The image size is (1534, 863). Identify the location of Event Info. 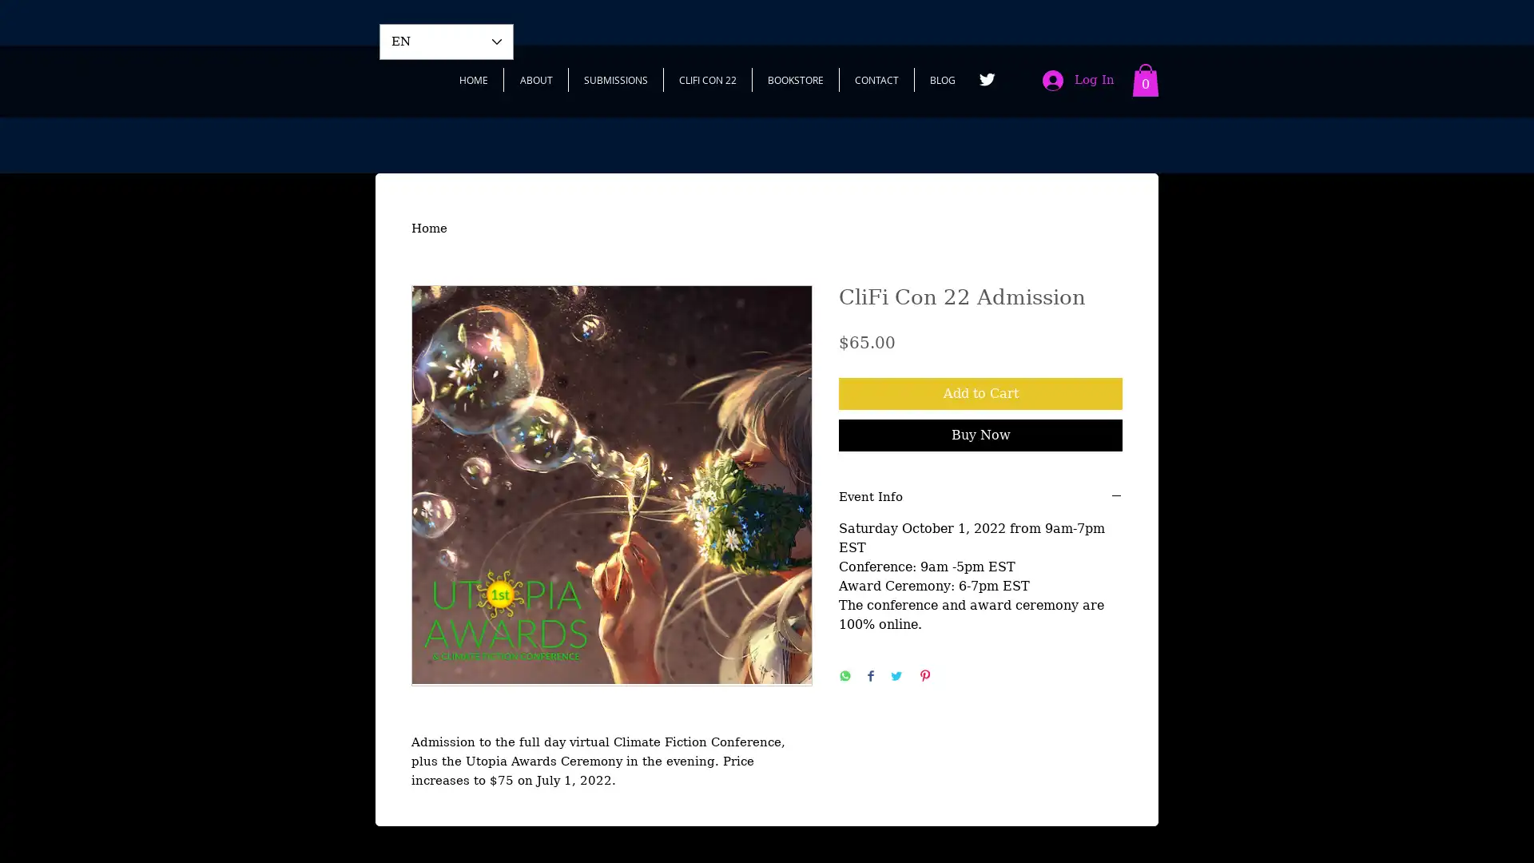
(980, 496).